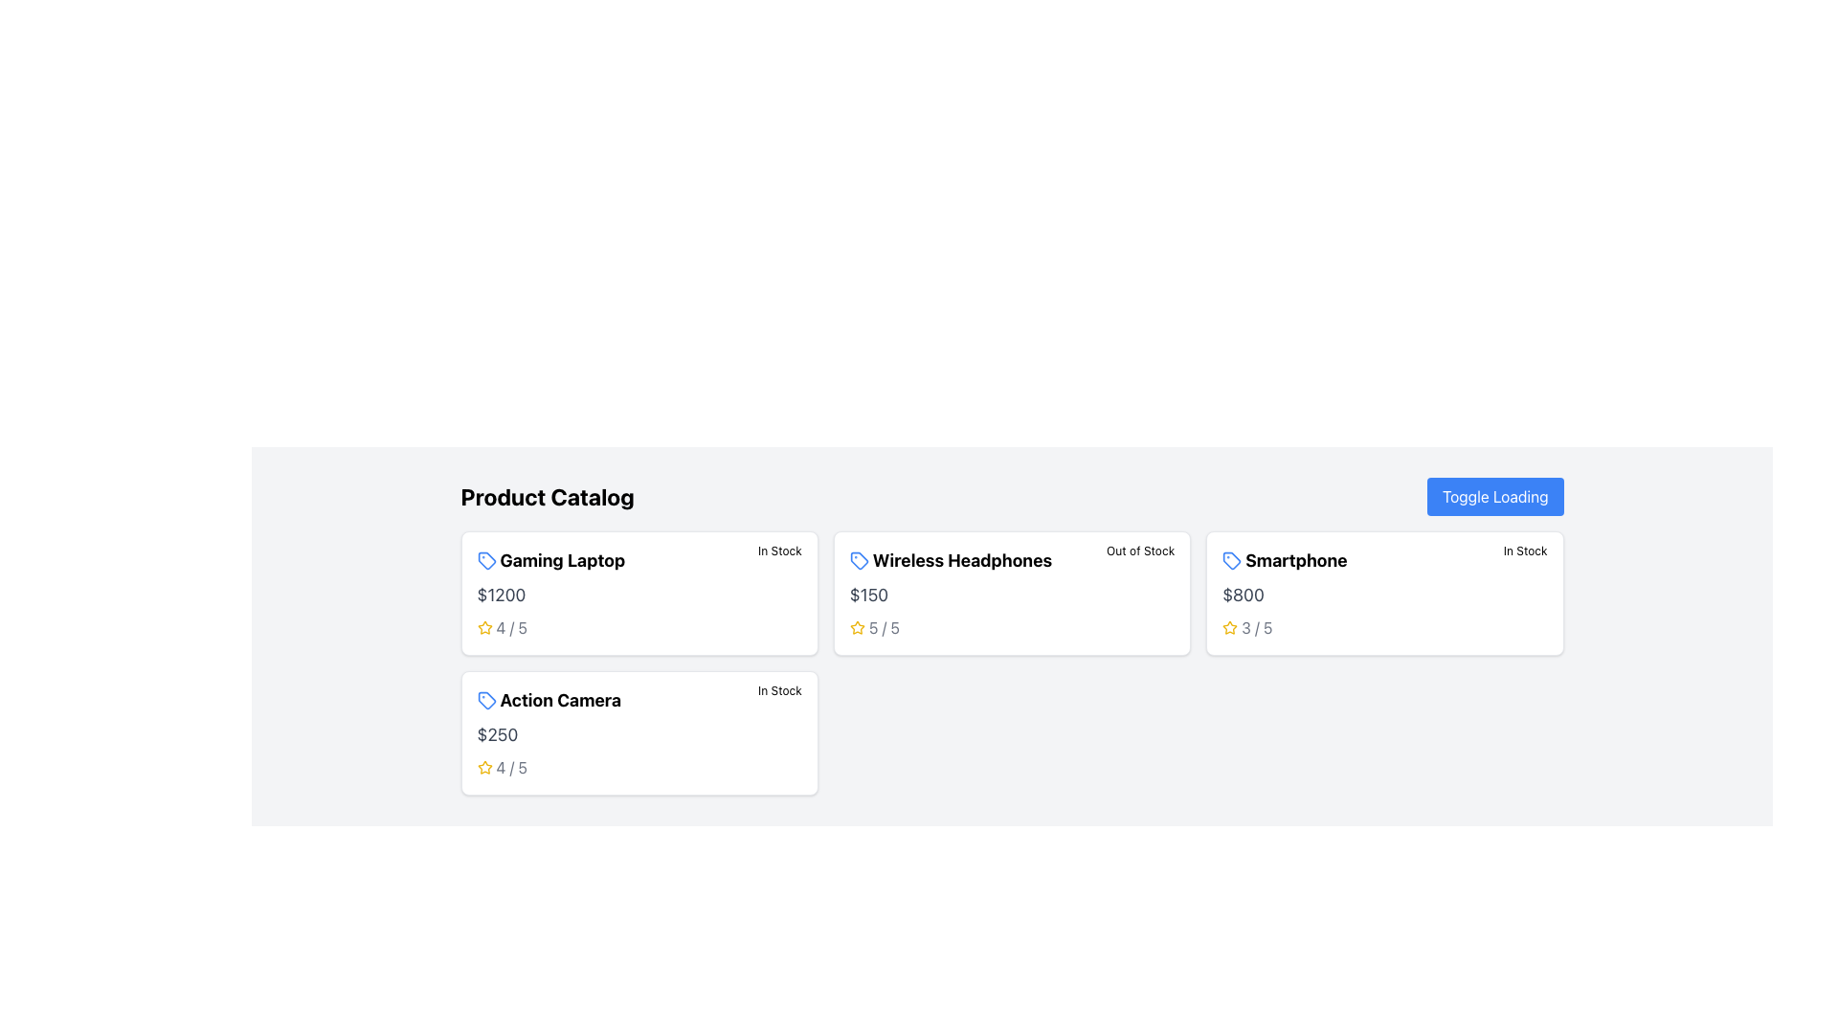  Describe the element at coordinates (1493, 496) in the screenshot. I see `the button in the 'Product Catalog' section located in the upper-right corner` at that location.